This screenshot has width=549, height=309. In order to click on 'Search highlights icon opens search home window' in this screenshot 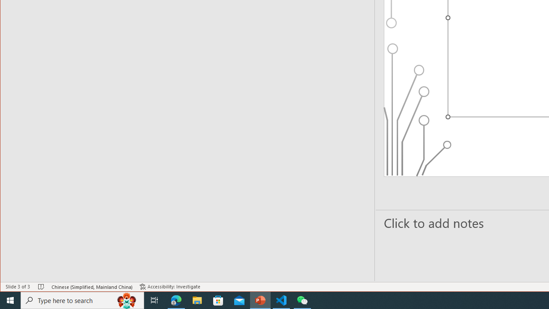, I will do `click(126, 300)`.